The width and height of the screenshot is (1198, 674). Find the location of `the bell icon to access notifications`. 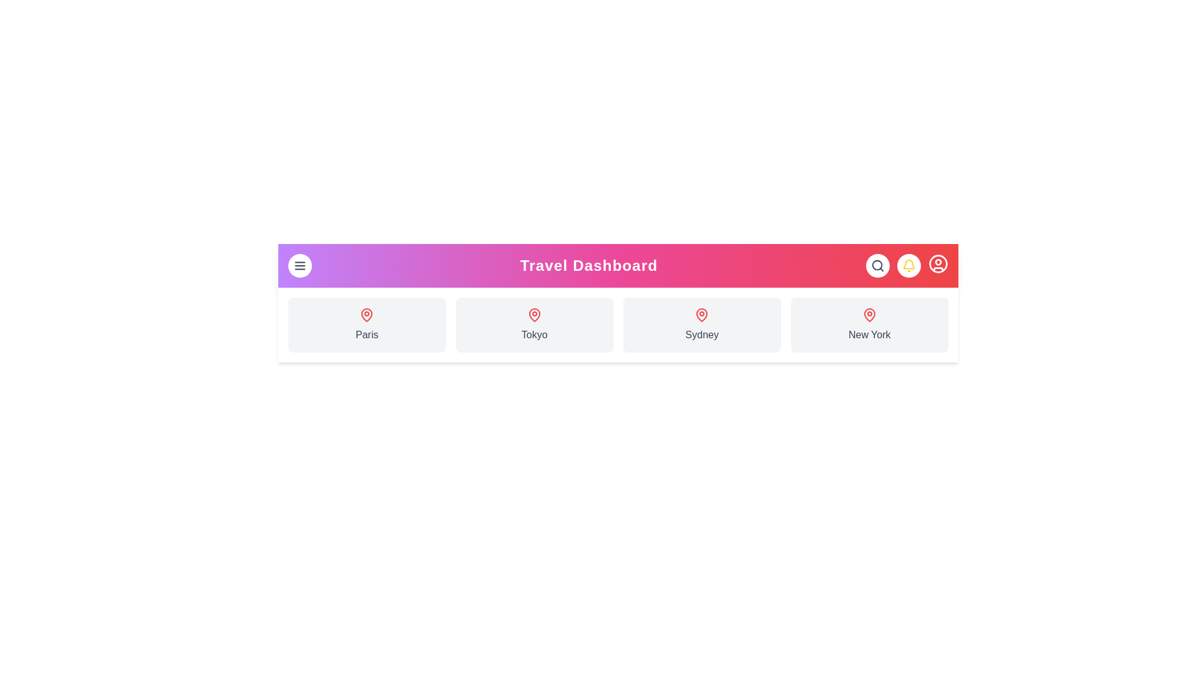

the bell icon to access notifications is located at coordinates (909, 265).